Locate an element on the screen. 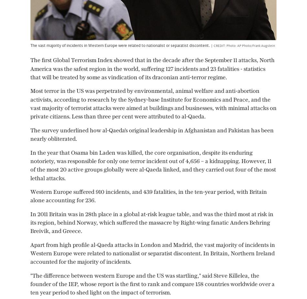  'About us' is located at coordinates (113, 291).